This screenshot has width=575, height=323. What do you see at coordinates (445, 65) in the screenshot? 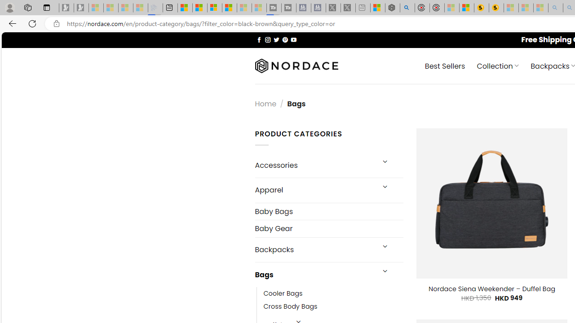
I see `'  Best Sellers'` at bounding box center [445, 65].